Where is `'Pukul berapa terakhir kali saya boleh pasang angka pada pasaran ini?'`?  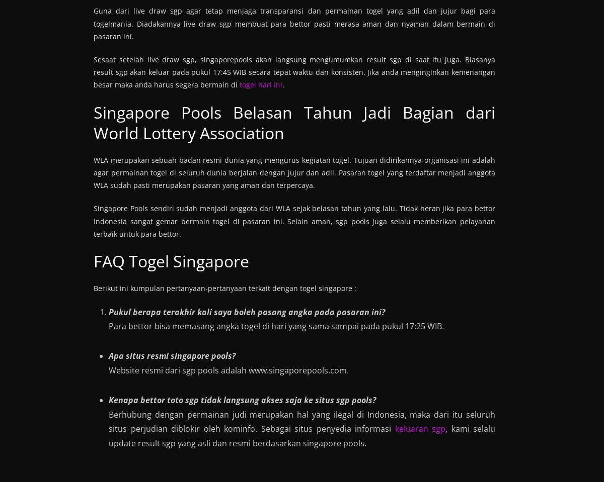 'Pukul berapa terakhir kali saya boleh pasang angka pada pasaran ini?' is located at coordinates (108, 311).